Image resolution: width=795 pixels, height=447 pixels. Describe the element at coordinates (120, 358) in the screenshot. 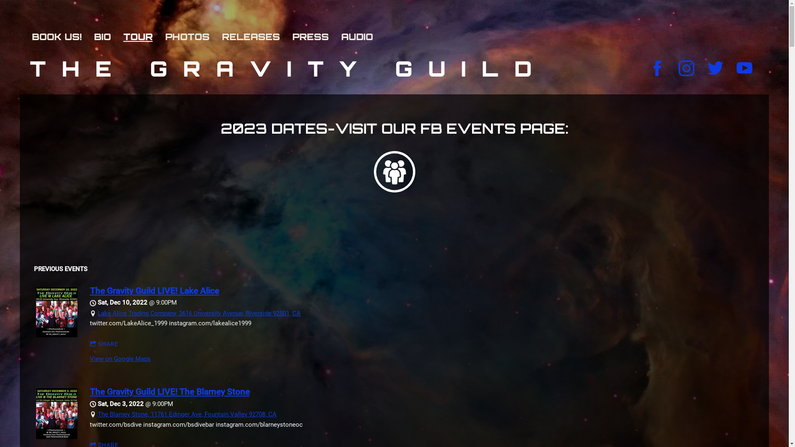

I see `'View on Google Maps'` at that location.